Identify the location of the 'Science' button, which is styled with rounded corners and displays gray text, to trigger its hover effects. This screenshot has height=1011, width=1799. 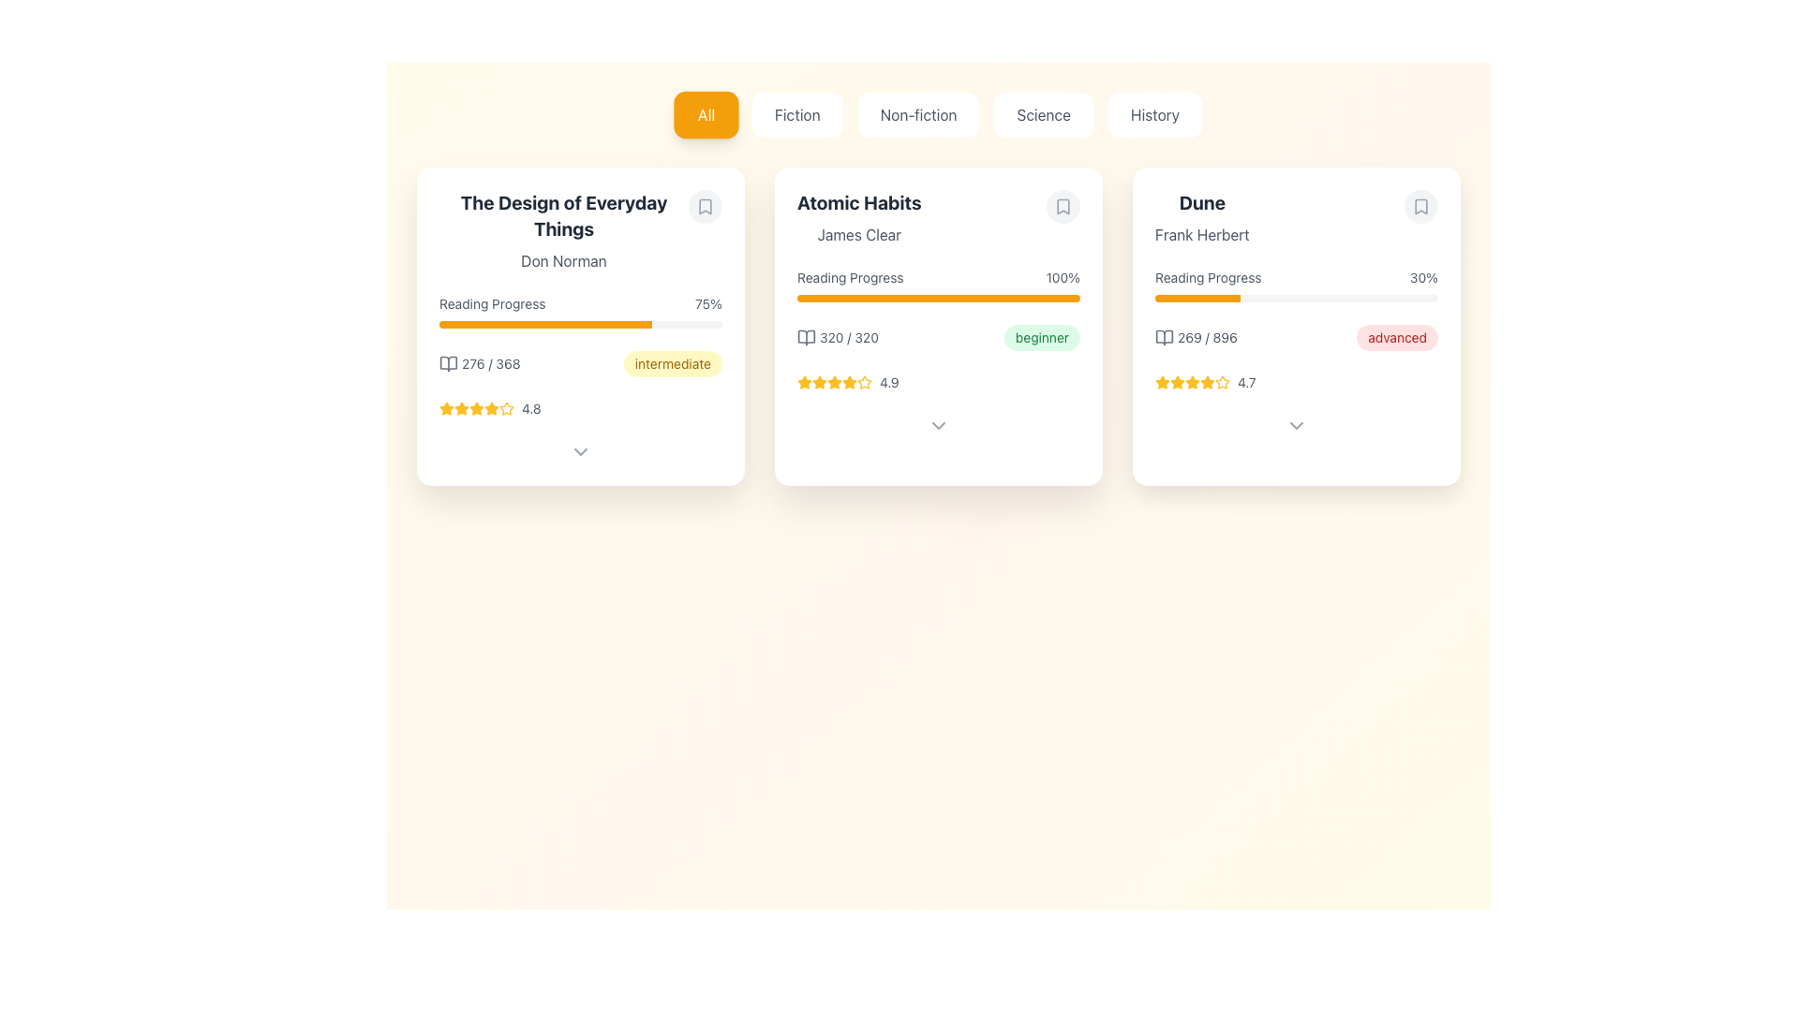
(1043, 115).